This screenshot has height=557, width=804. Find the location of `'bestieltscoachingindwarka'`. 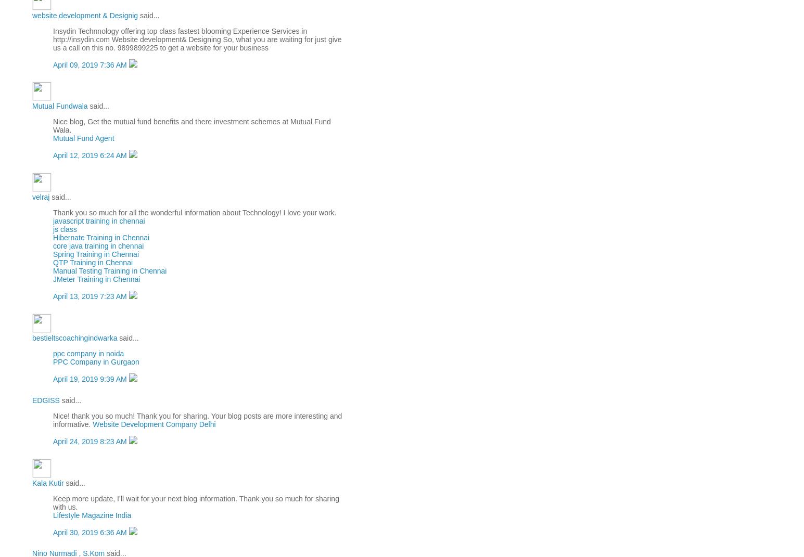

'bestieltscoachingindwarka' is located at coordinates (31, 337).